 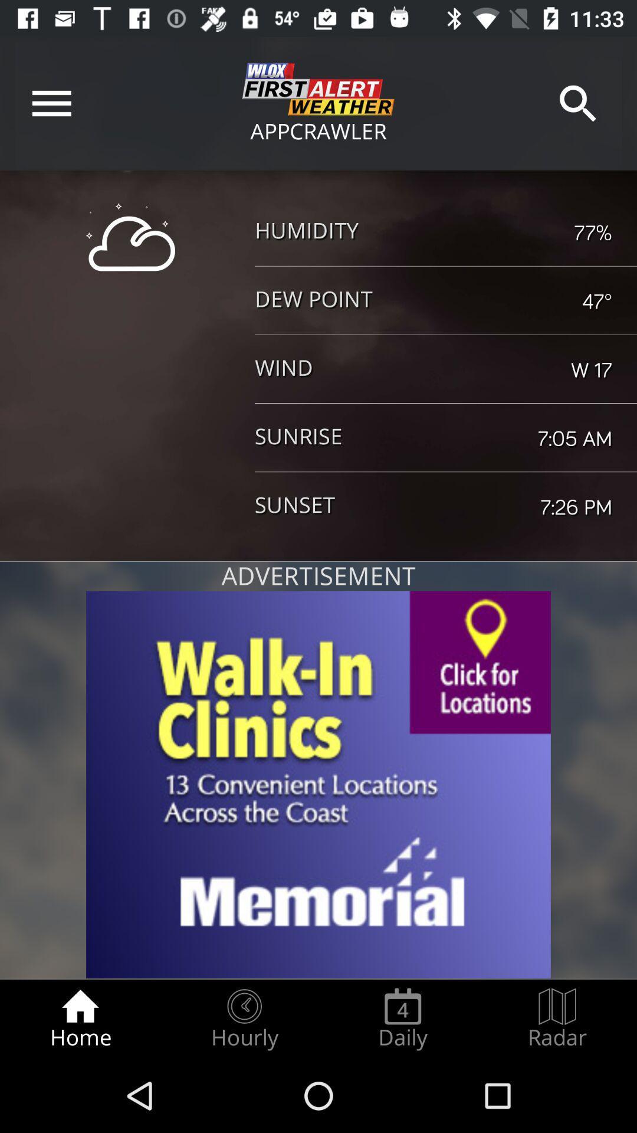 I want to click on open a advertisement, so click(x=318, y=785).